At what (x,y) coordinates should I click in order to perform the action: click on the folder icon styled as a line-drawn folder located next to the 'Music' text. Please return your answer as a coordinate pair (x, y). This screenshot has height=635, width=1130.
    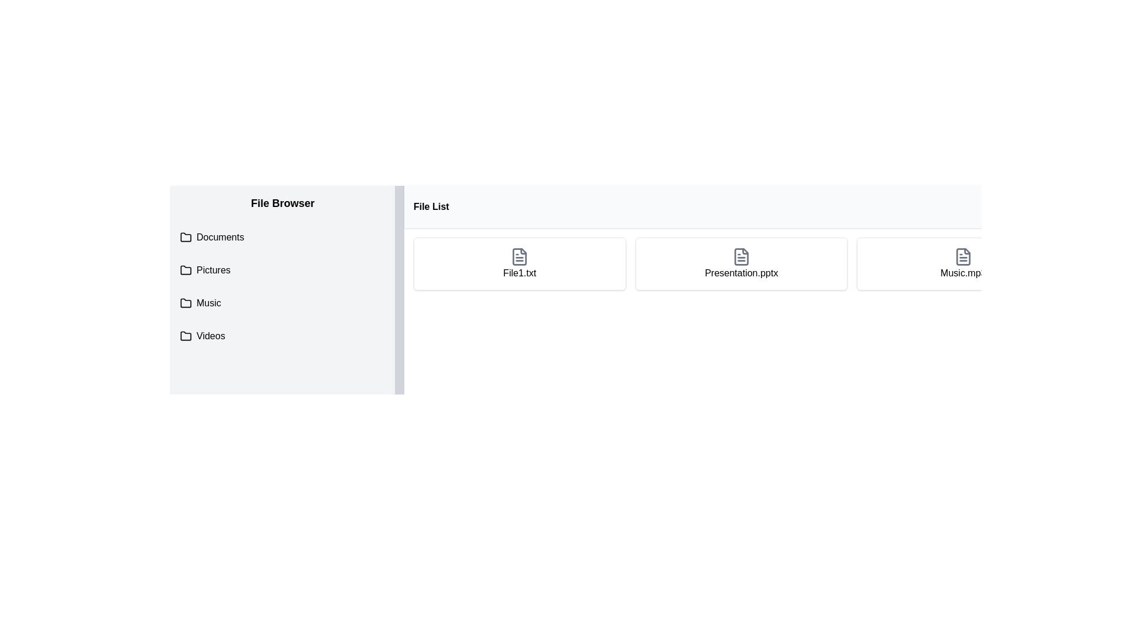
    Looking at the image, I should click on (185, 303).